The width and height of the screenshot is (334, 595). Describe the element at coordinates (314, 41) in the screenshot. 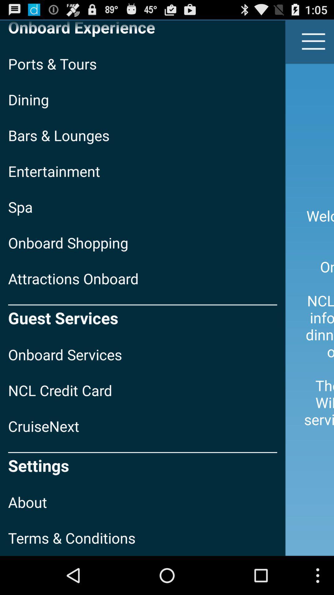

I see `the icon at the top right corner` at that location.